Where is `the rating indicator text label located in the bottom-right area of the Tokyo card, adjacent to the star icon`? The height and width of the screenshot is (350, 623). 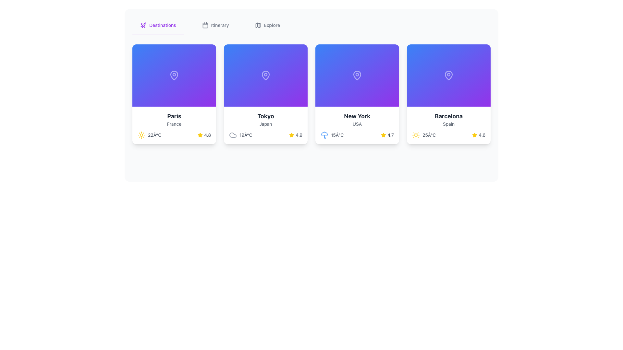
the rating indicator text label located in the bottom-right area of the Tokyo card, adjacent to the star icon is located at coordinates (299, 134).